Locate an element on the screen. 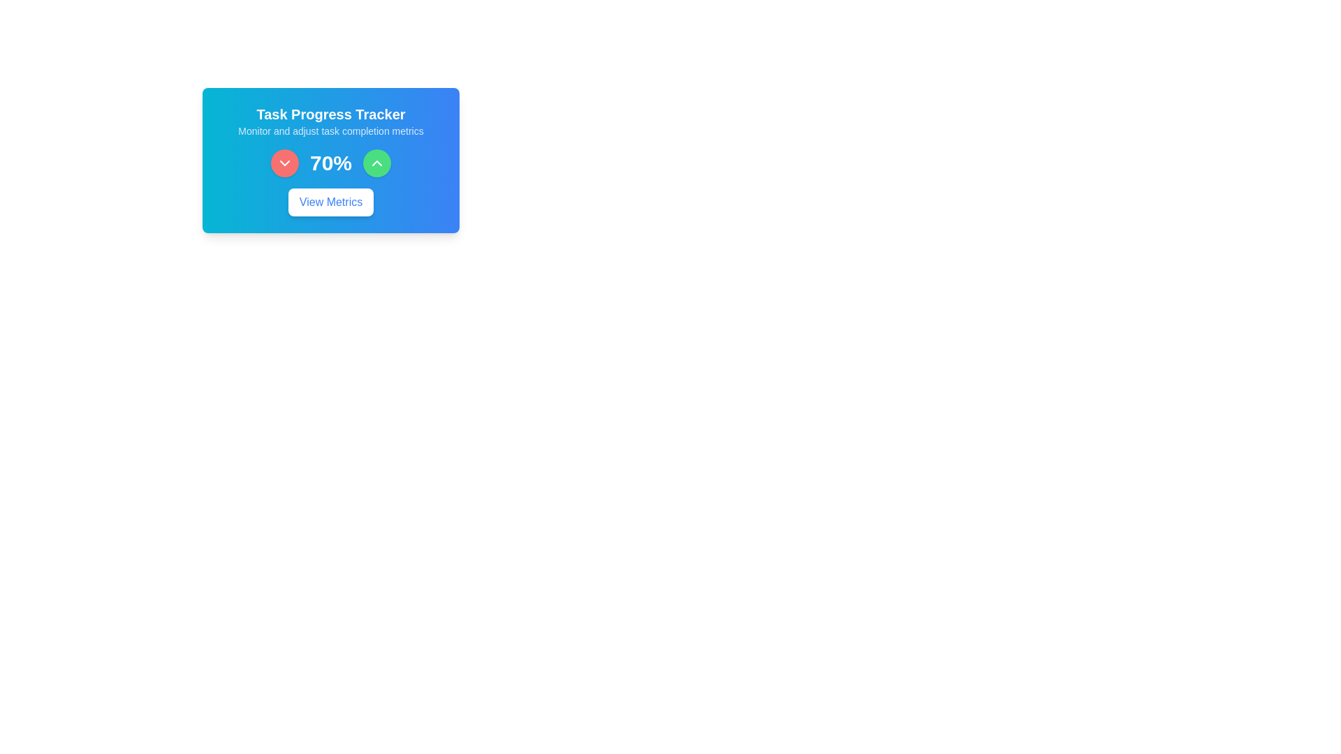 The height and width of the screenshot is (754, 1341). the chevron-up icon within the green circular button located is located at coordinates (377, 163).